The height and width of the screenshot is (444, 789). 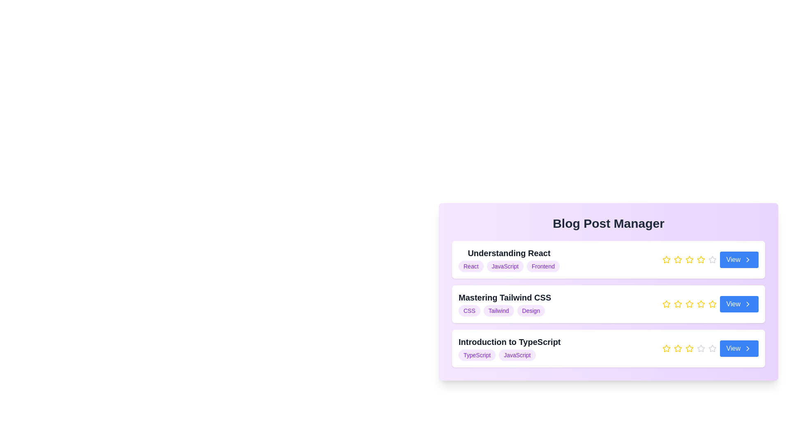 I want to click on the 'Frontend' badge, which is a pill-shaped tag with a purple border and lighter purple fill, located at the right of the 'JavaScript' and 'React' badges under the title 'Understanding React', so click(x=543, y=266).